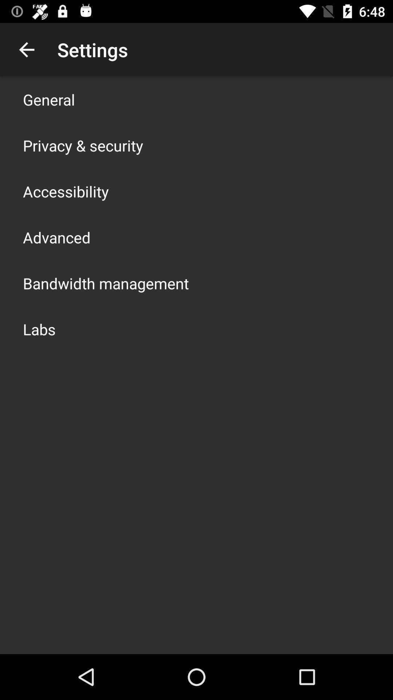 Image resolution: width=393 pixels, height=700 pixels. I want to click on app above privacy & security app, so click(49, 99).